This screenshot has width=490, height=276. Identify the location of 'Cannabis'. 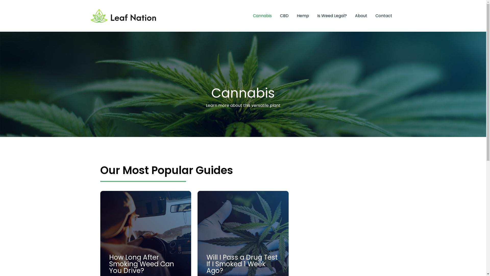
(262, 15).